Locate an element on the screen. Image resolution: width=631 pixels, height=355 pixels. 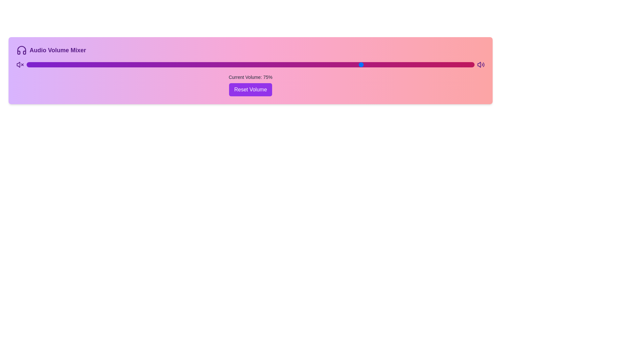
the volume slider to 98% is located at coordinates (465, 64).